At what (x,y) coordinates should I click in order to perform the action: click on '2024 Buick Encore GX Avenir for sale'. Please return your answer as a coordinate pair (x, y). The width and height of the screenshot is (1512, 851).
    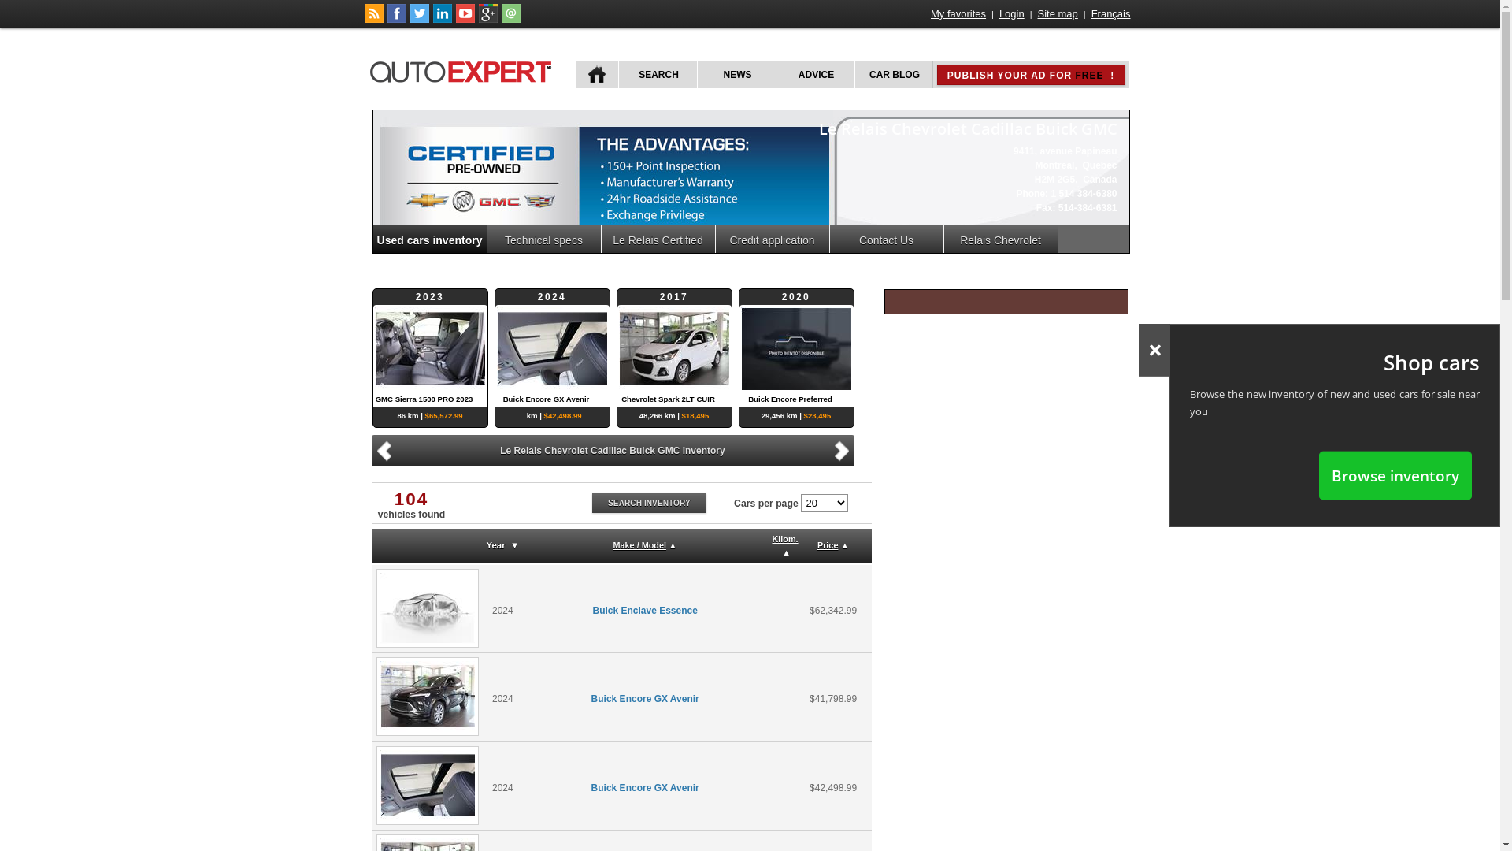
    Looking at the image, I should click on (376, 695).